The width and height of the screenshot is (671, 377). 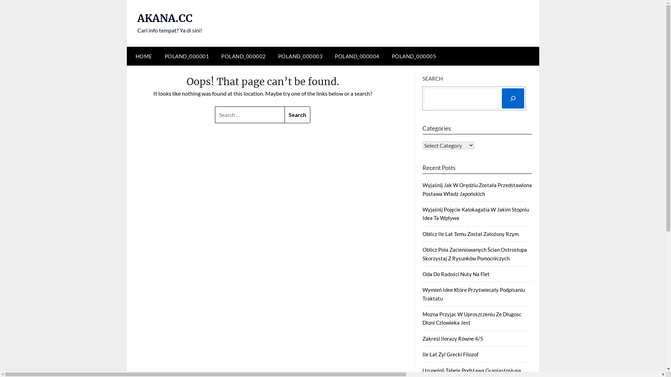 I want to click on 'AKANA.CC', so click(x=164, y=17).